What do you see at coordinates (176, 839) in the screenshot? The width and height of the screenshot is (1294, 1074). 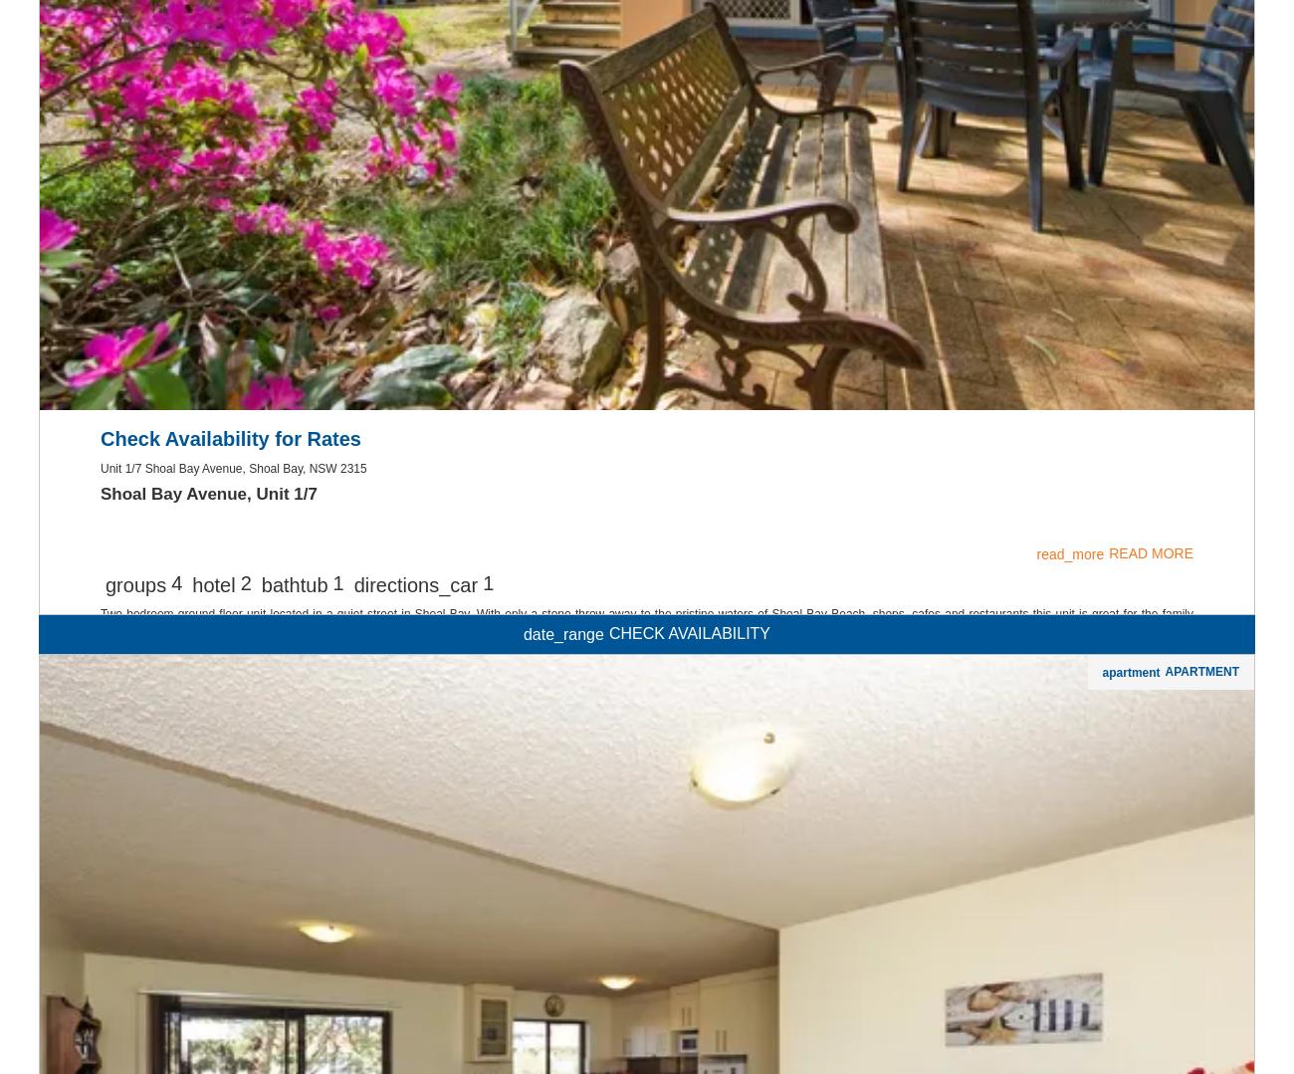 I see `'5'` at bounding box center [176, 839].